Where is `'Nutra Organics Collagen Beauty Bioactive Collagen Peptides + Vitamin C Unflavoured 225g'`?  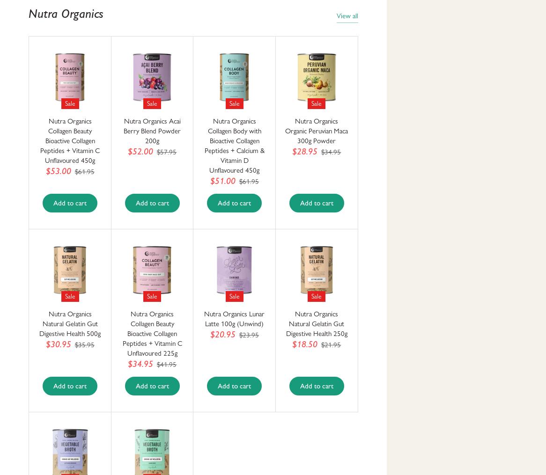 'Nutra Organics Collagen Beauty Bioactive Collagen Peptides + Vitamin C Unflavoured 225g' is located at coordinates (151, 334).